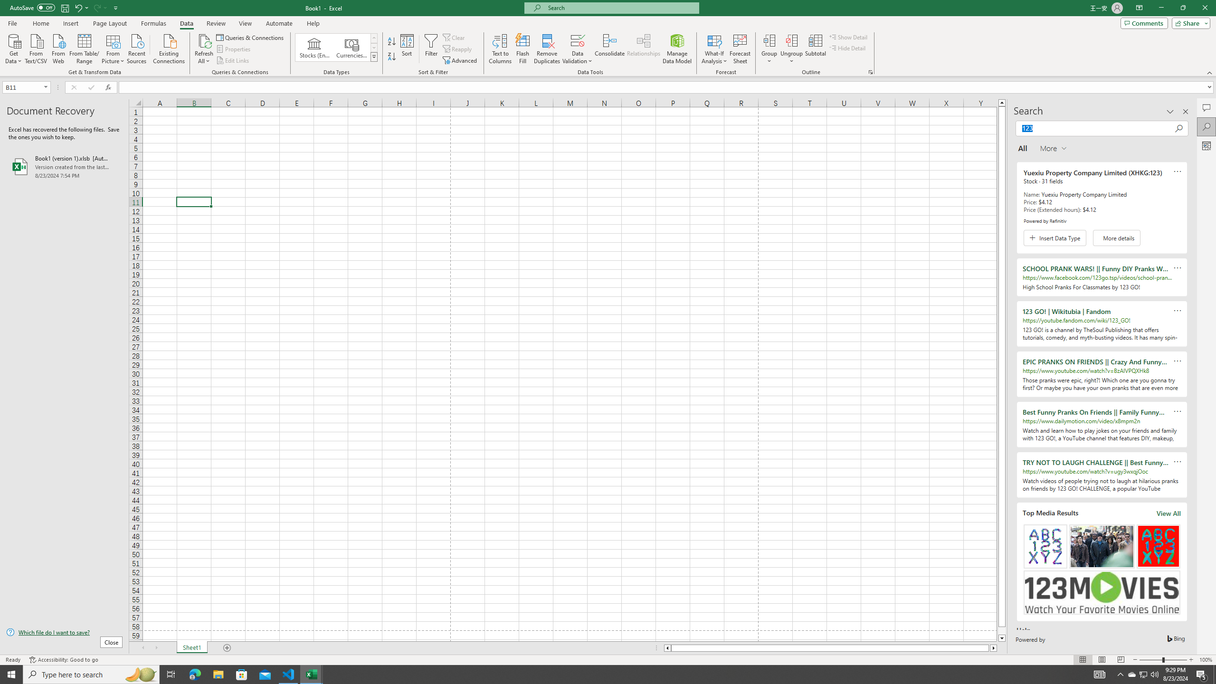  What do you see at coordinates (1082, 660) in the screenshot?
I see `'Normal'` at bounding box center [1082, 660].